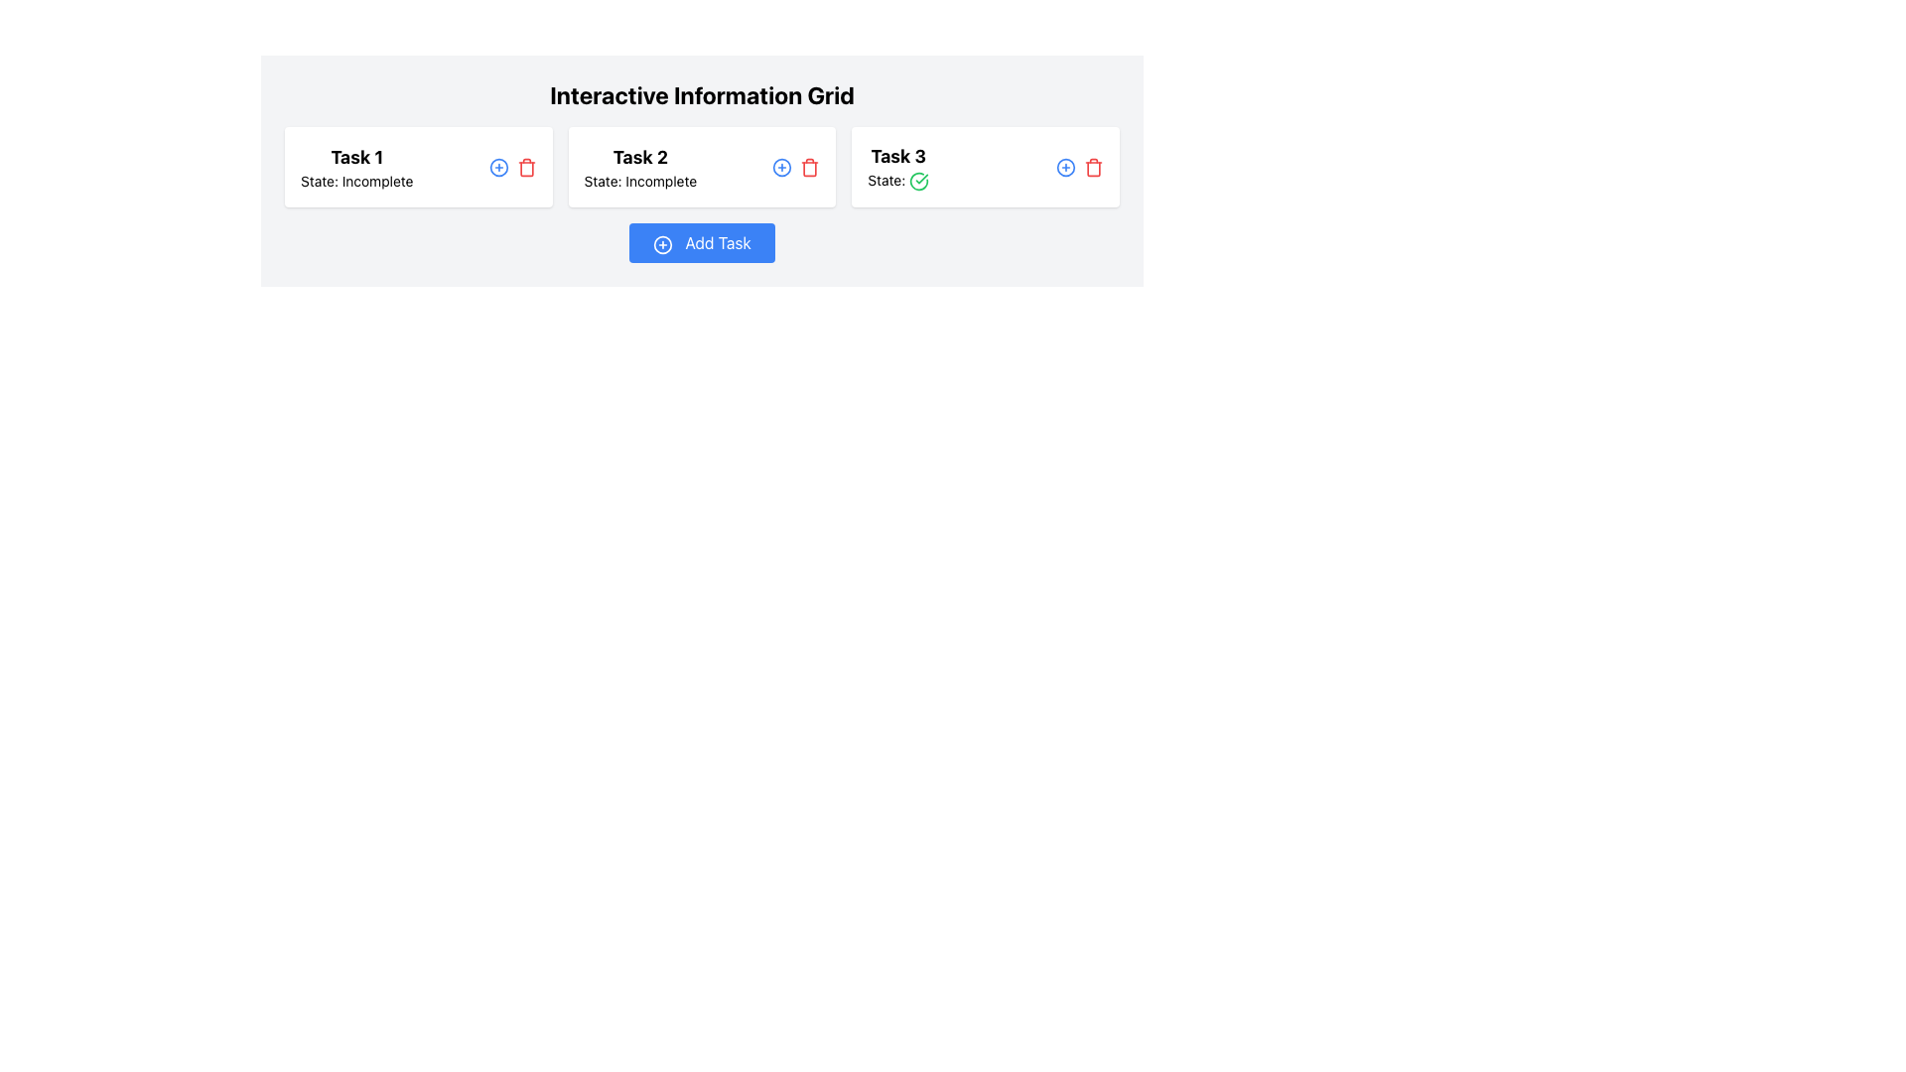 The image size is (1906, 1072). I want to click on the central circular shape of the interactive SVG icon located in the 'Task 2' card, so click(498, 166).